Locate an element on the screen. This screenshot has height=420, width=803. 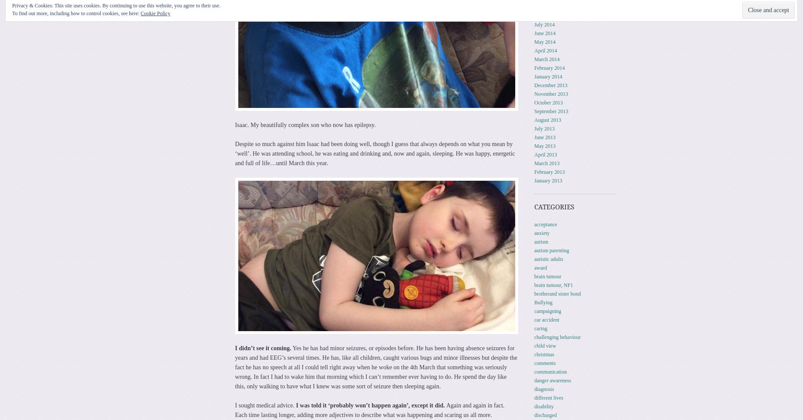
'August 2013' is located at coordinates (533, 119).